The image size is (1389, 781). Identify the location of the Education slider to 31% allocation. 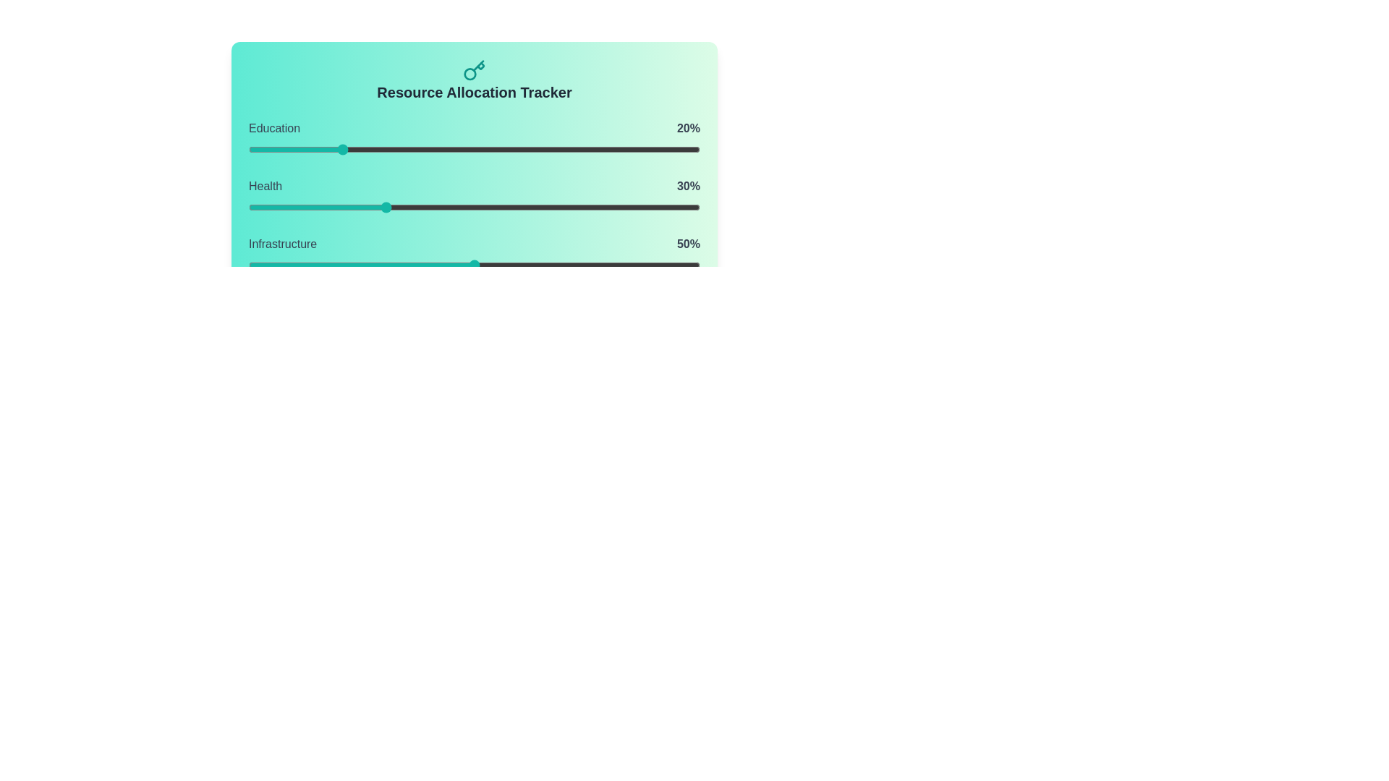
(388, 150).